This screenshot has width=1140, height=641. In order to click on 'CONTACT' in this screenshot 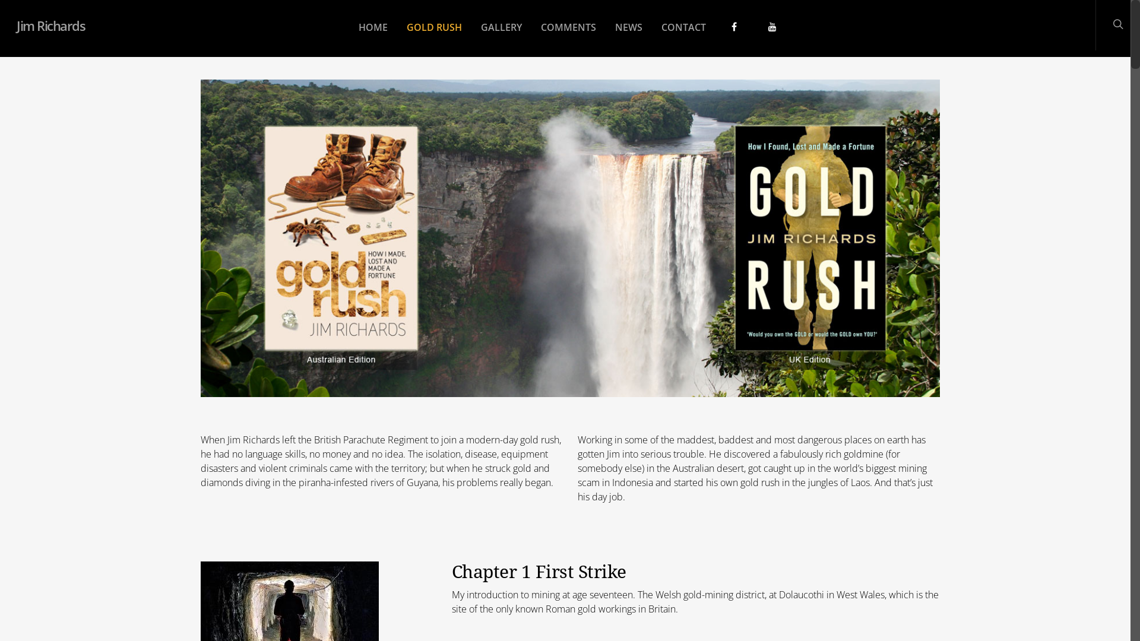, I will do `click(683, 35)`.